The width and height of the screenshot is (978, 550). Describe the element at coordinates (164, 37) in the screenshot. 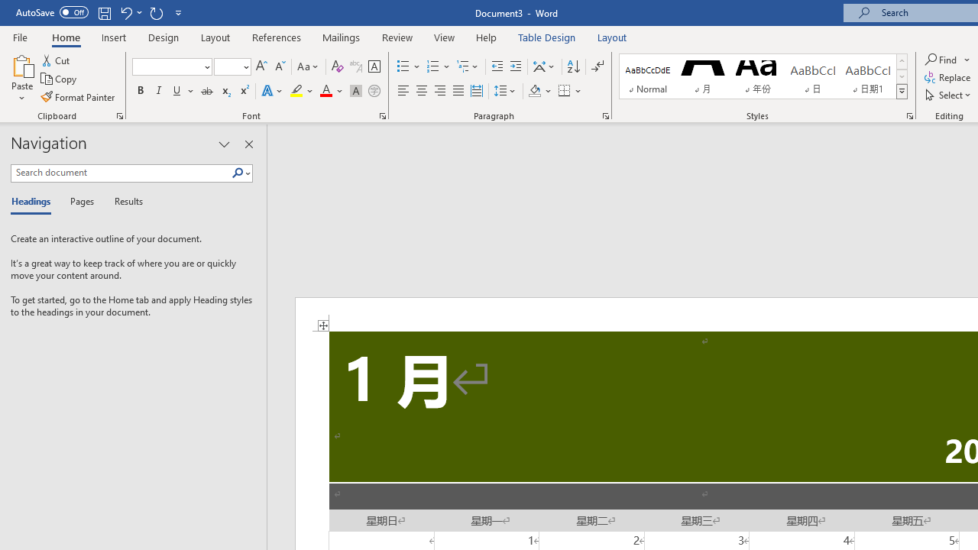

I see `'Design'` at that location.